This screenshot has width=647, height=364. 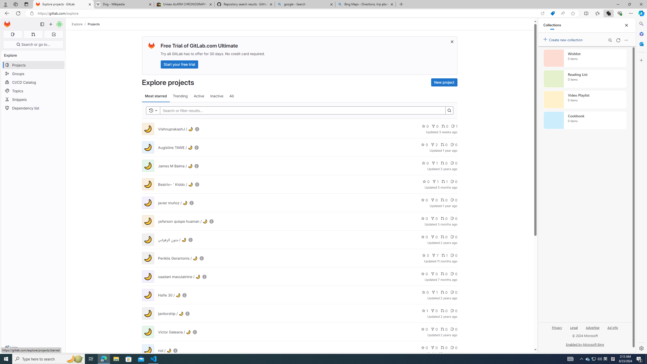 I want to click on '2', so click(x=434, y=144).